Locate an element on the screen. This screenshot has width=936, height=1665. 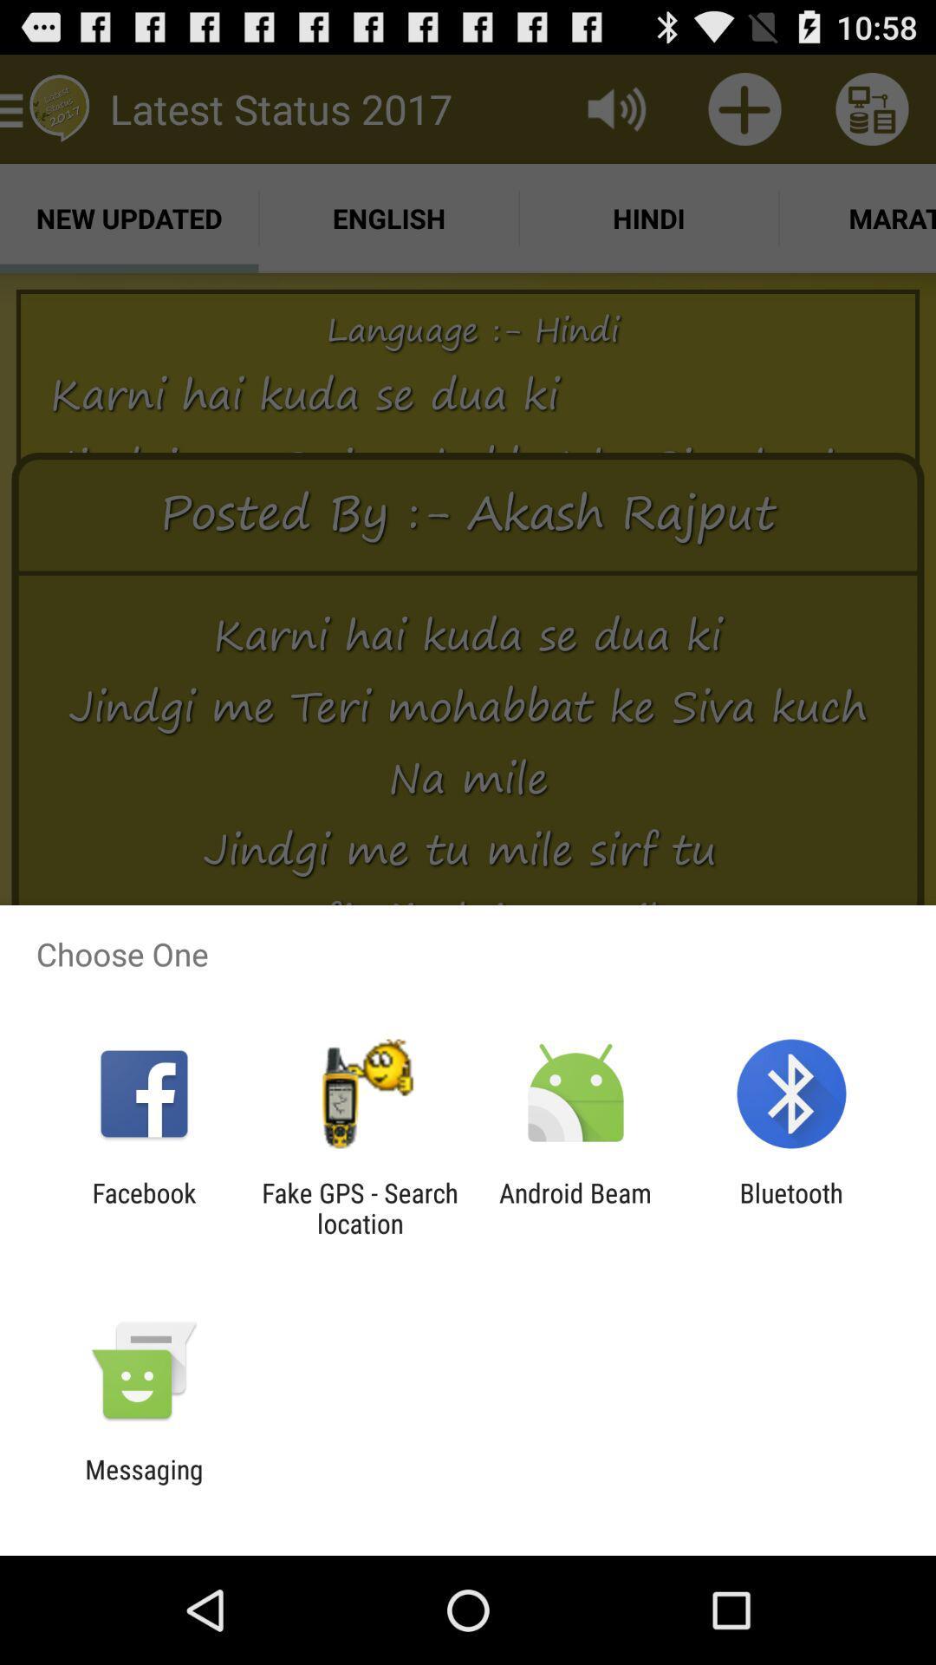
icon to the left of the fake gps search item is located at coordinates (143, 1207).